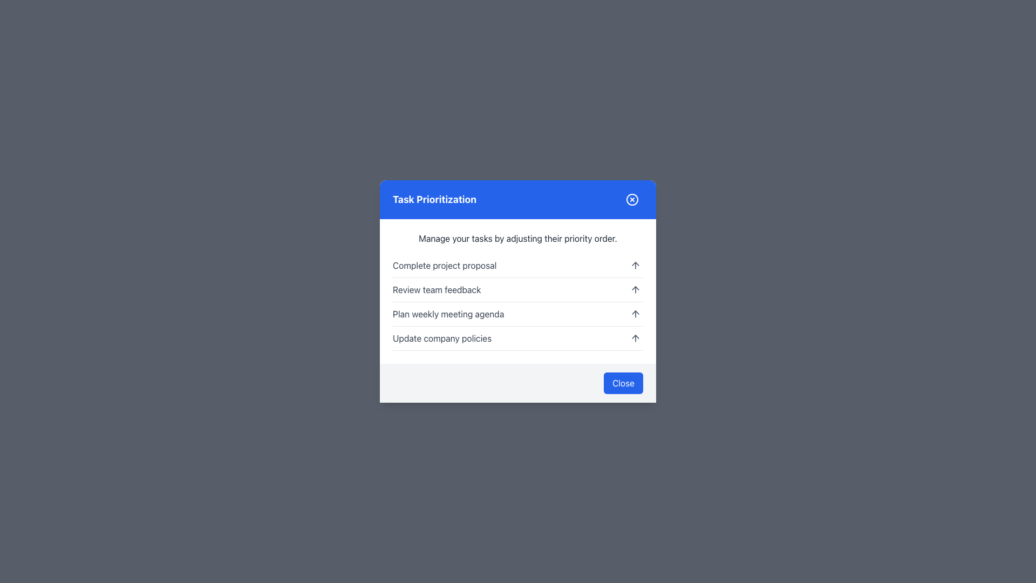 This screenshot has height=583, width=1036. Describe the element at coordinates (635, 289) in the screenshot. I see `the icon button located to the right of the row labeled 'Review team feedback'` at that location.